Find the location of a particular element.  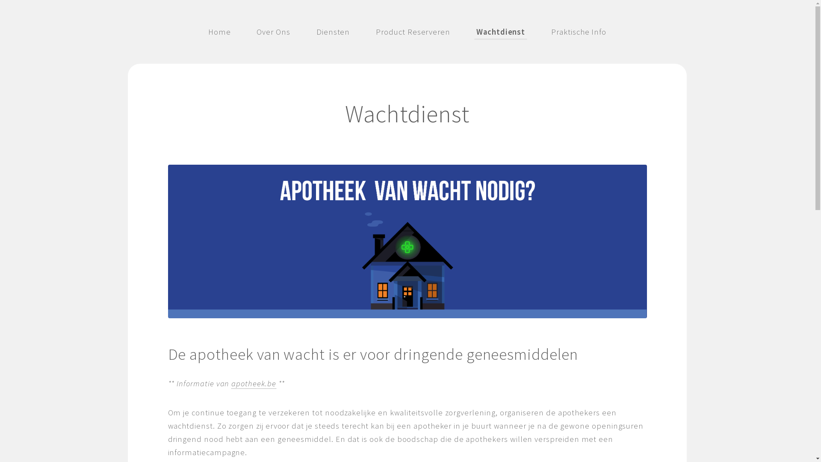

'Praktische Info' is located at coordinates (579, 31).